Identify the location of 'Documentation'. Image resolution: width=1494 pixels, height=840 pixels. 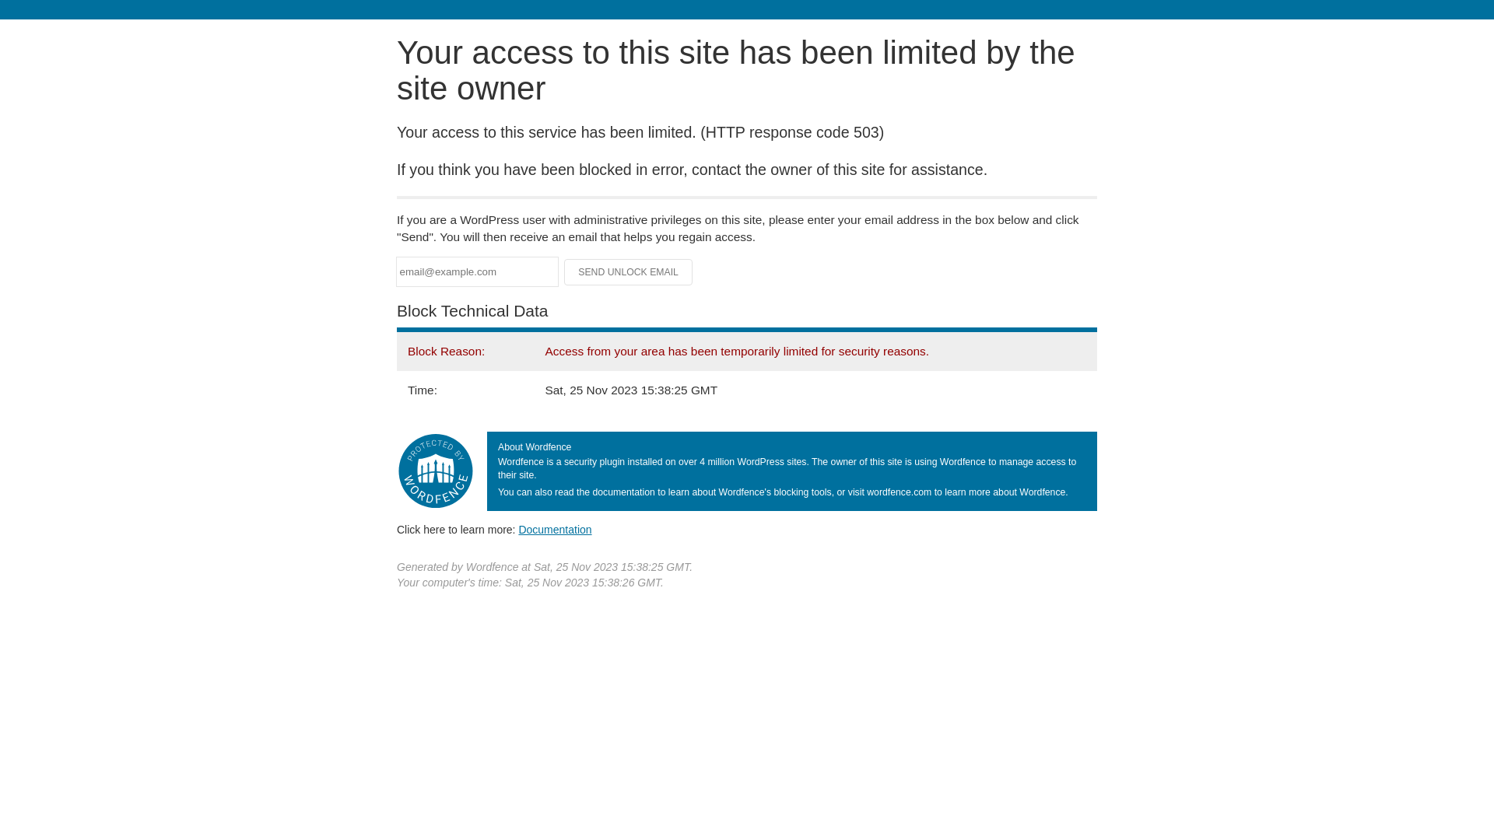
(555, 529).